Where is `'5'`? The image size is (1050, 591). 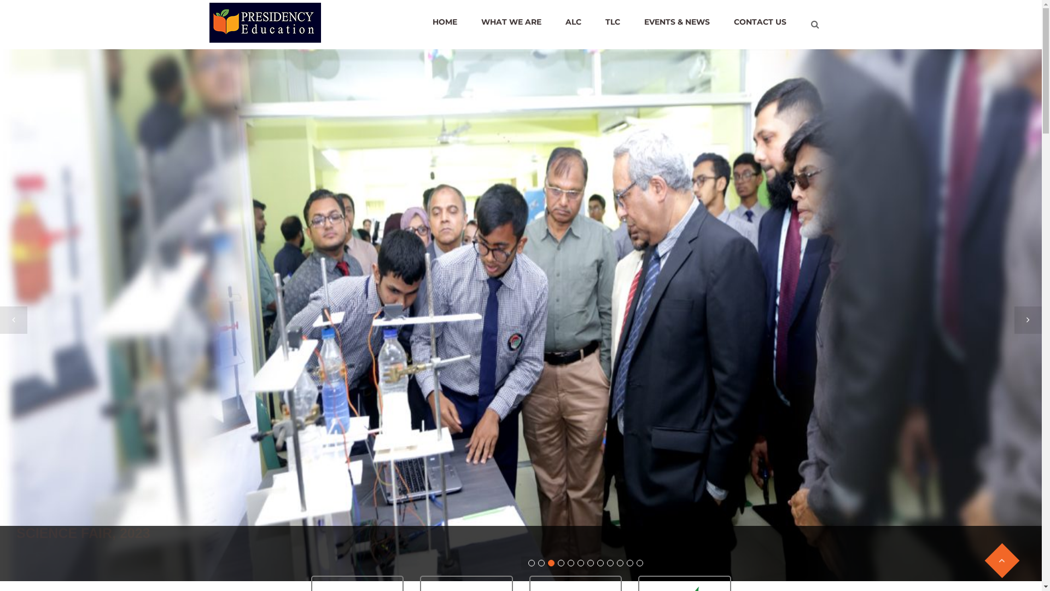 '5' is located at coordinates (567, 563).